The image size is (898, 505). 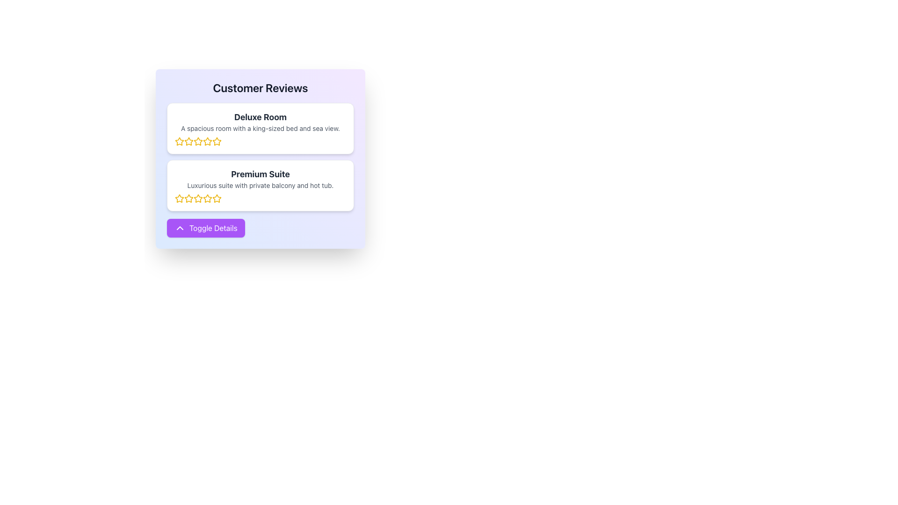 I want to click on the fourth star icon from the left in the 5-star rating system under the 'Premium Suite' section, so click(x=217, y=198).